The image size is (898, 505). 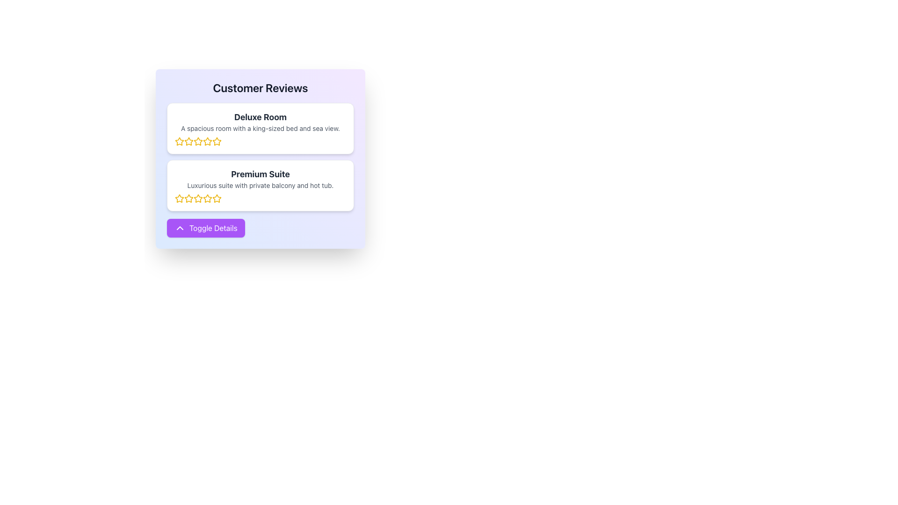 I want to click on the fourth star icon from the left in the 5-star rating system under the 'Premium Suite' section, so click(x=217, y=198).